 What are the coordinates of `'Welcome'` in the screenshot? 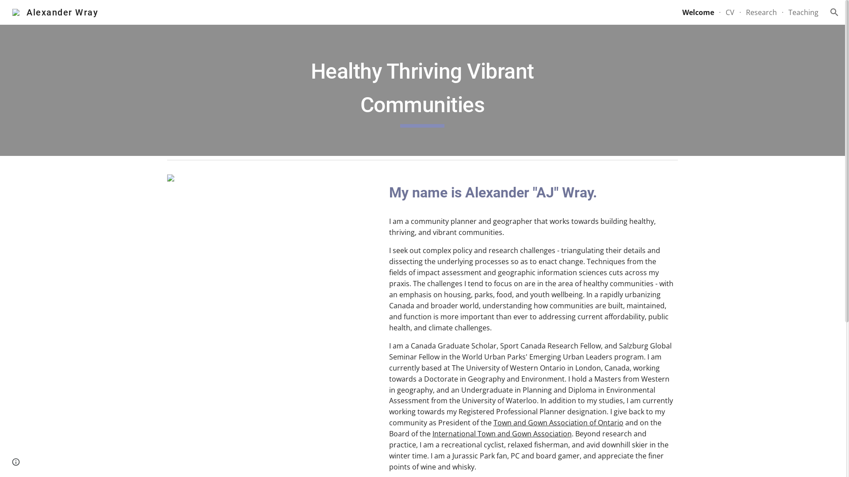 It's located at (698, 12).